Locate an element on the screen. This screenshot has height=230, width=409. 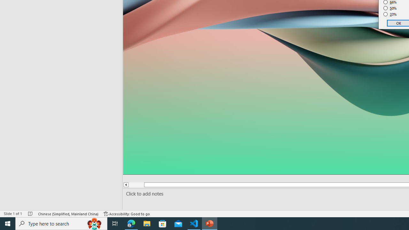
'Type here to search' is located at coordinates (61, 223).